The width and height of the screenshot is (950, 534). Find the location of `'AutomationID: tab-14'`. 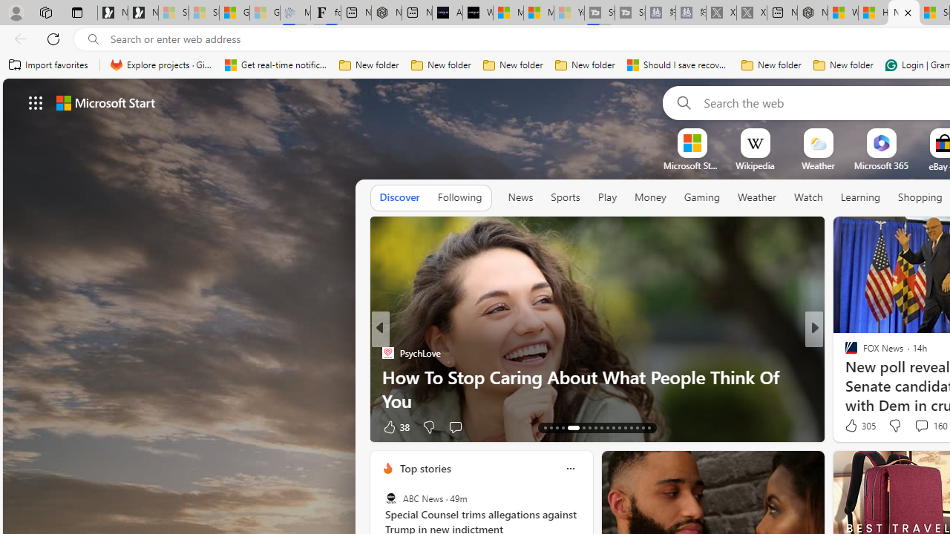

'AutomationID: tab-14' is located at coordinates (551, 428).